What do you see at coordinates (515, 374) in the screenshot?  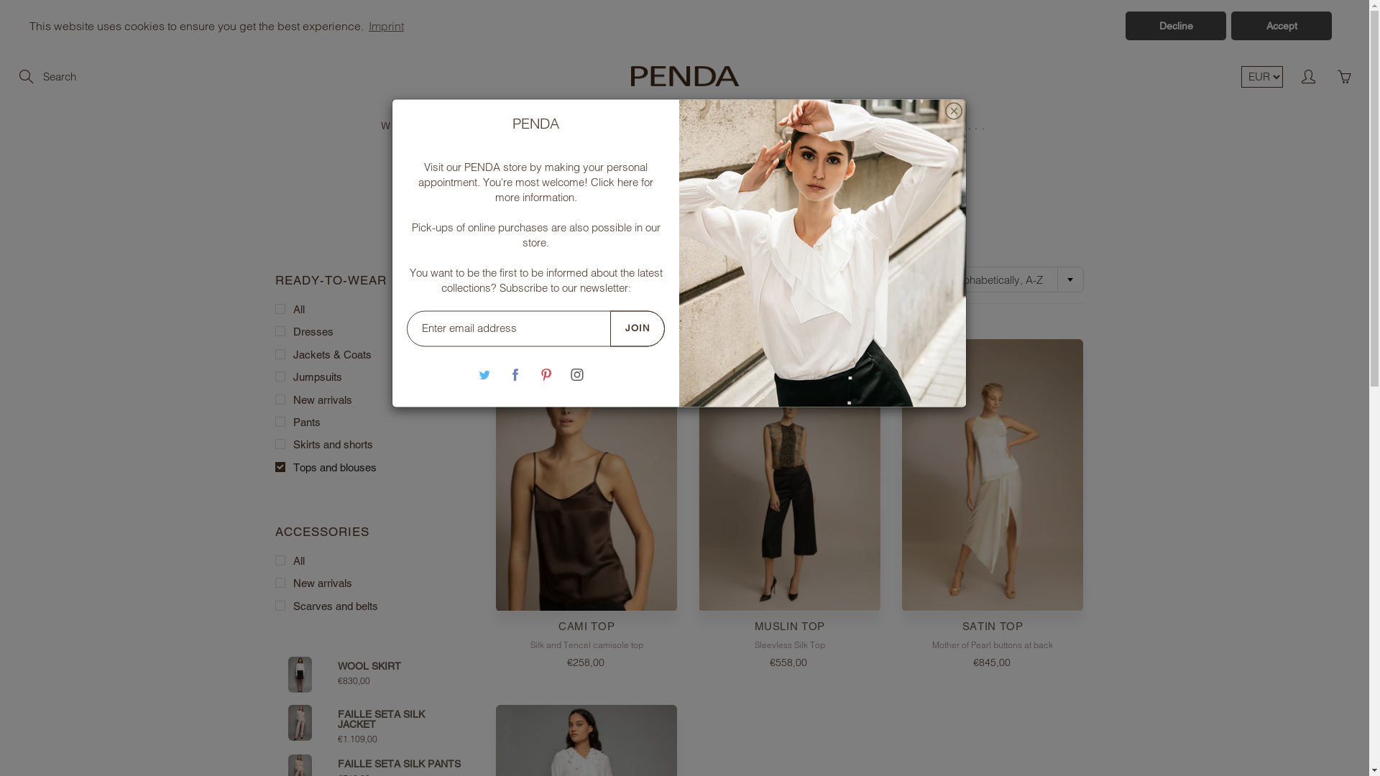 I see `'Facebook'` at bounding box center [515, 374].